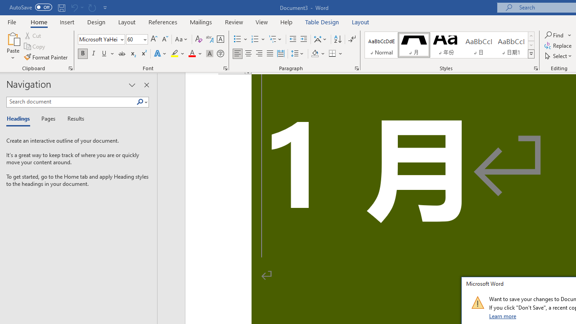  What do you see at coordinates (238, 54) in the screenshot?
I see `'Align Left'` at bounding box center [238, 54].